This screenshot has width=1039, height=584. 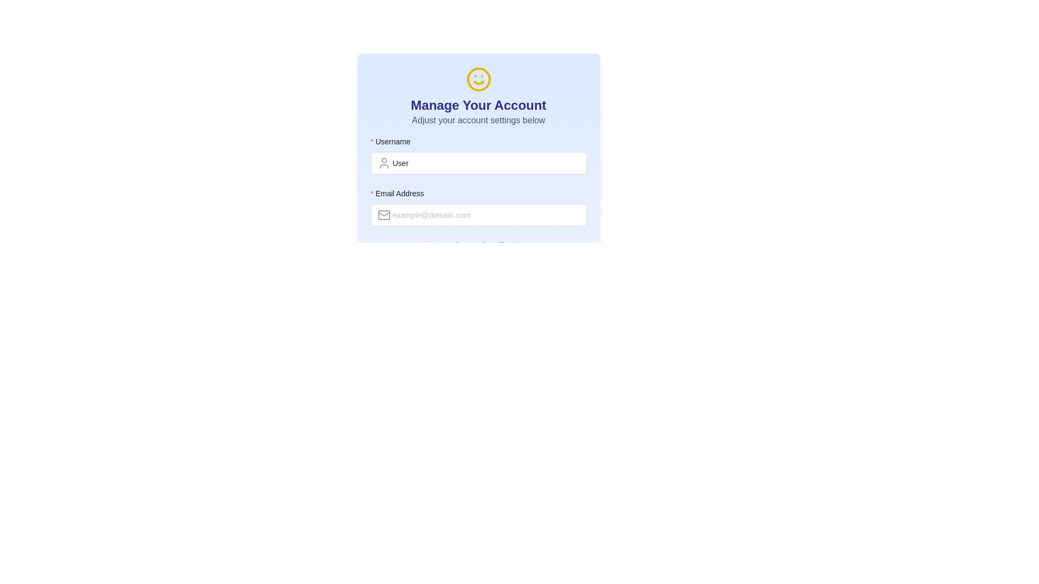 I want to click on the gray envelope icon located on the left side of the Email Address input field within the 'Manage Your Account' form interface, so click(x=384, y=215).